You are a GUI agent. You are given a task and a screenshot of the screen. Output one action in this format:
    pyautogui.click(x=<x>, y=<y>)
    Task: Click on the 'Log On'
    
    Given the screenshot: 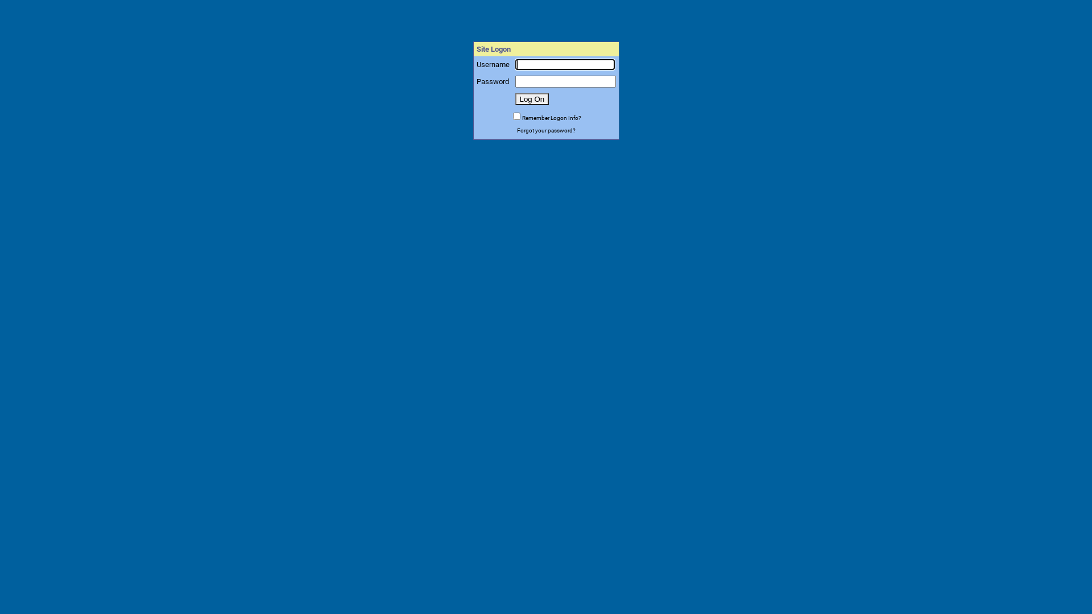 What is the action you would take?
    pyautogui.click(x=515, y=98)
    